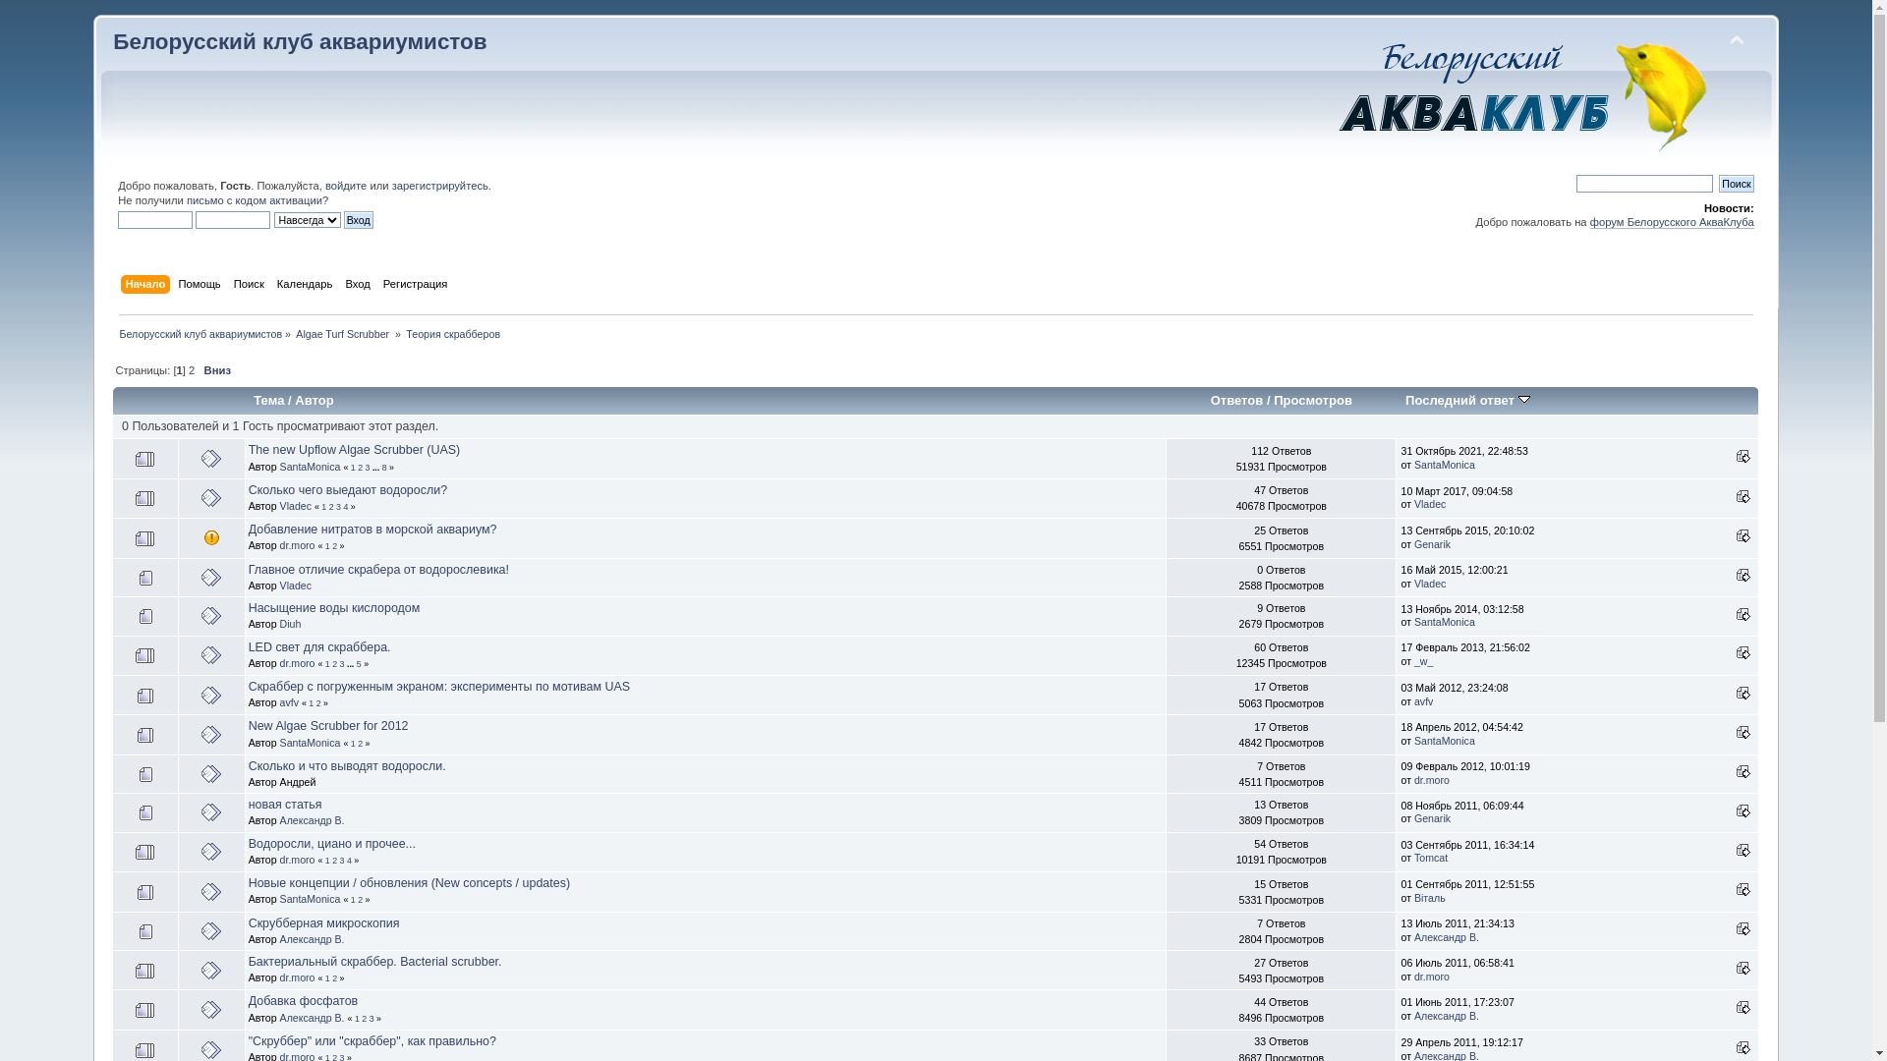 This screenshot has height=1061, width=1887. I want to click on 'Tomcat', so click(1430, 856).